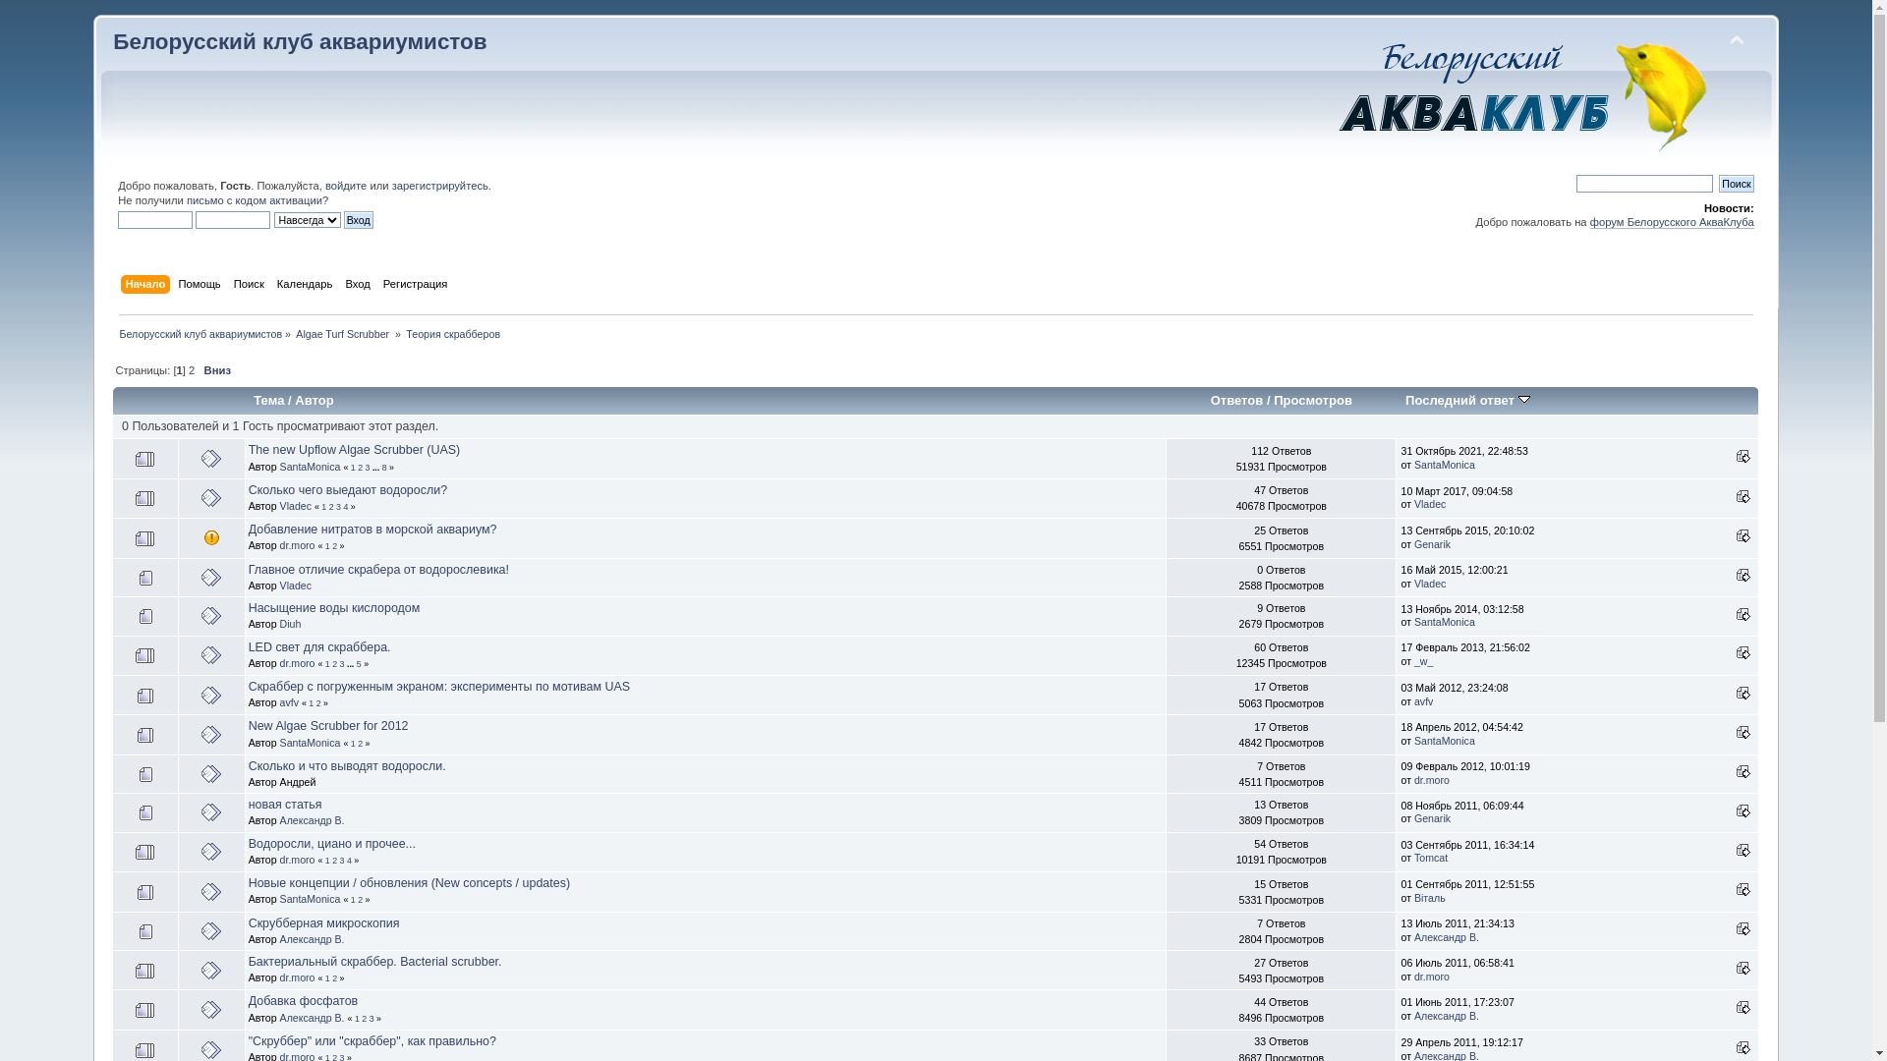 This screenshot has height=1061, width=1887. I want to click on 'Tomcat', so click(1430, 856).